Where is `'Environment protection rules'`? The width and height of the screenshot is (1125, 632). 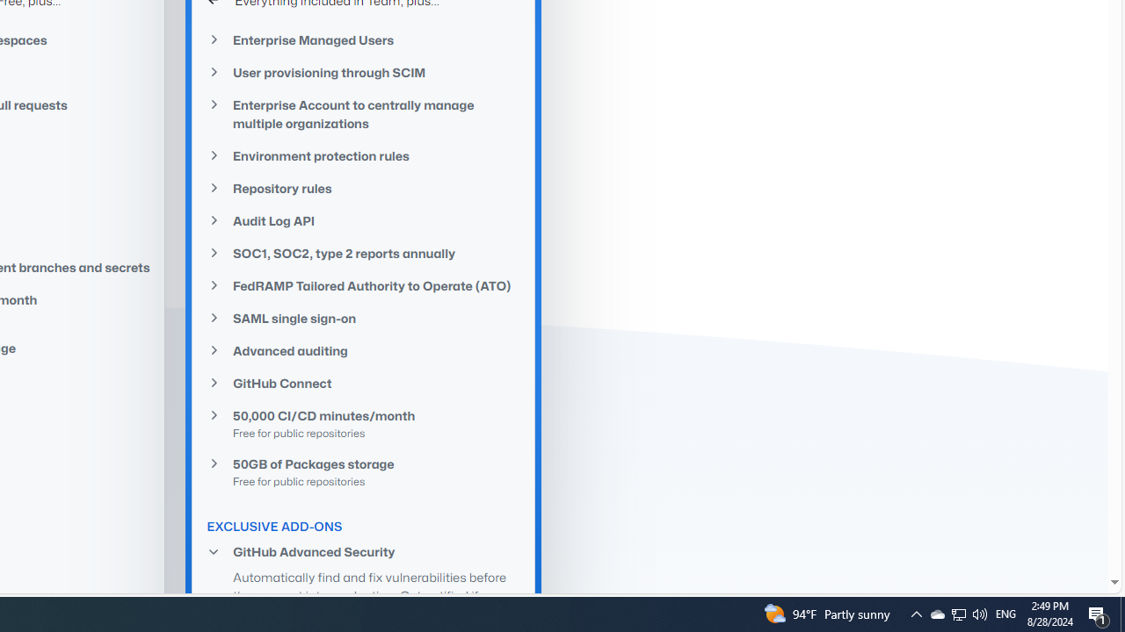
'Environment protection rules' is located at coordinates (363, 155).